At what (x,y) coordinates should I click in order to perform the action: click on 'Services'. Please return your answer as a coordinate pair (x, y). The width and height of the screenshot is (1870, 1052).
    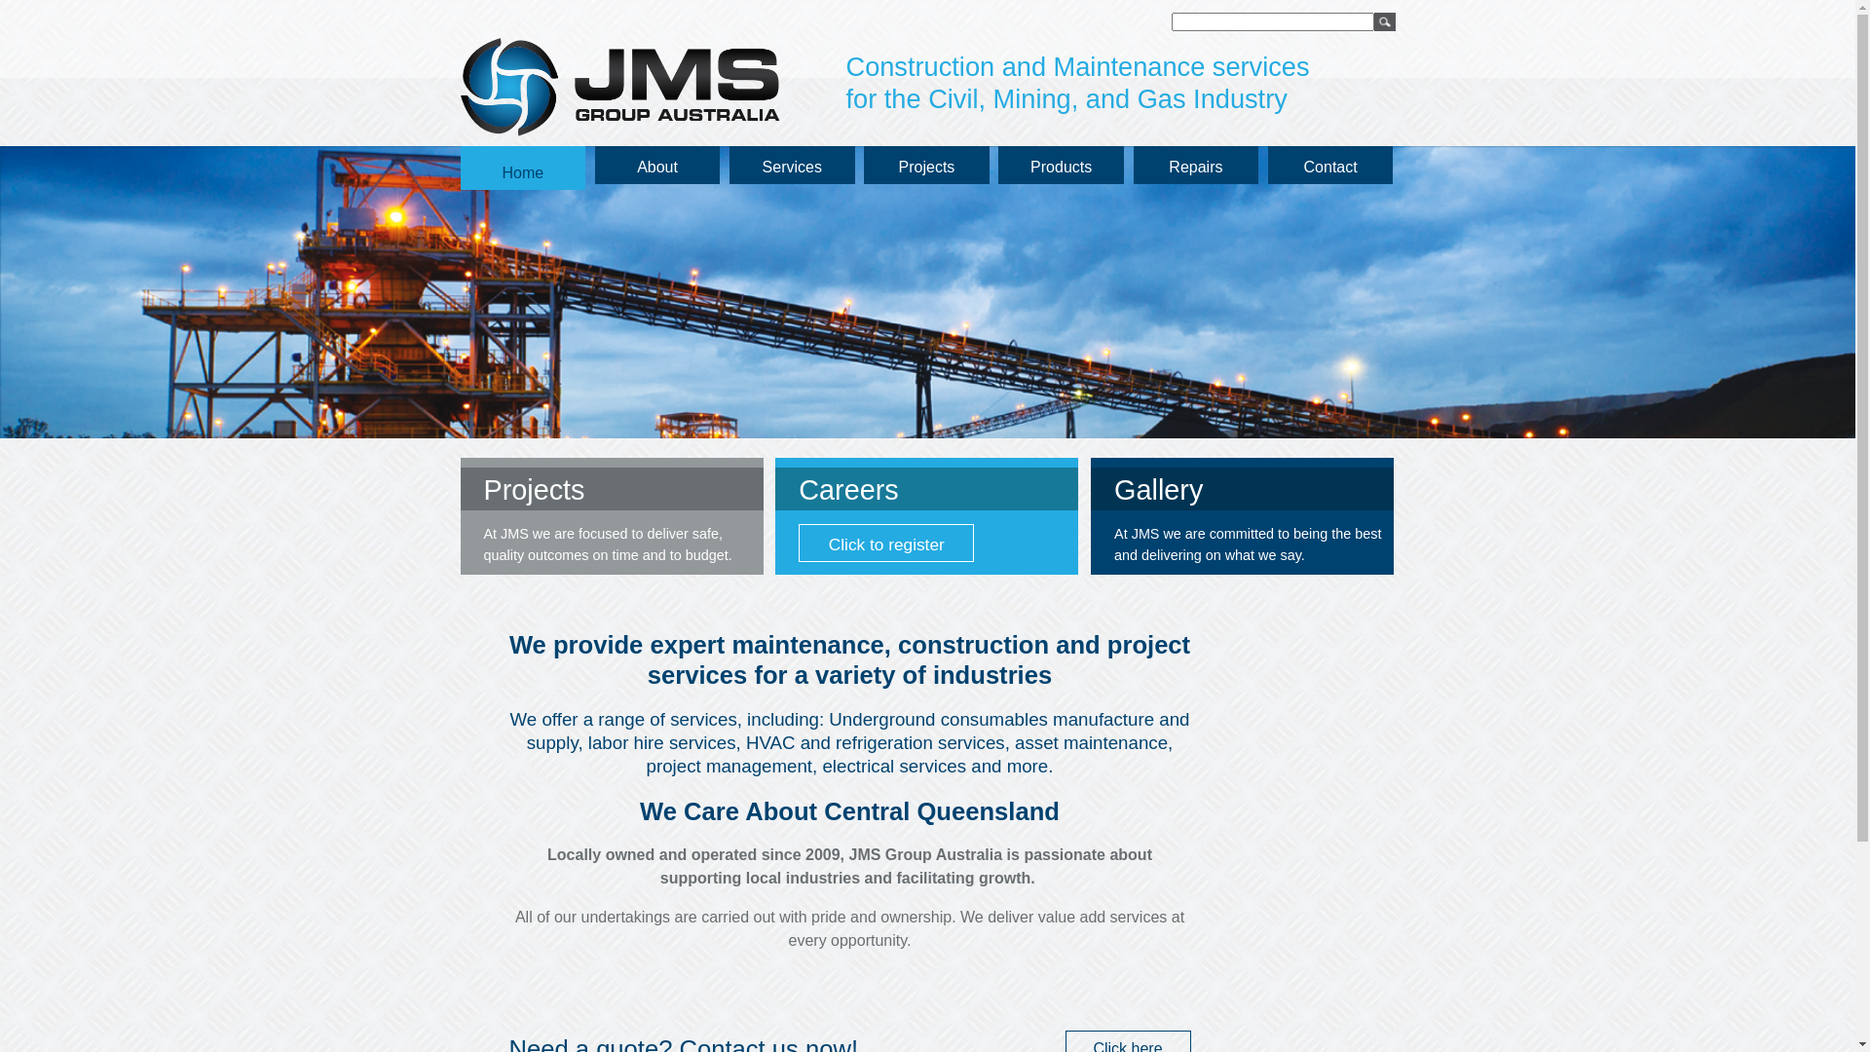
    Looking at the image, I should click on (792, 164).